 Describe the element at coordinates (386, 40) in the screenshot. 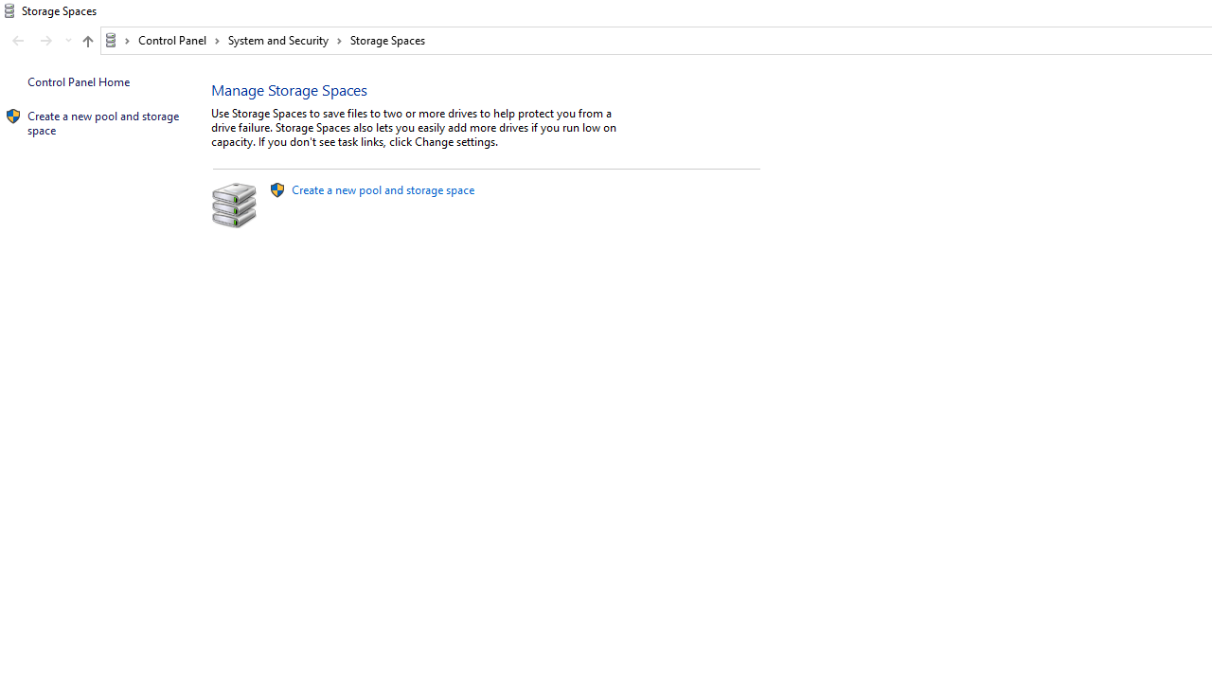

I see `'Storage Spaces'` at that location.